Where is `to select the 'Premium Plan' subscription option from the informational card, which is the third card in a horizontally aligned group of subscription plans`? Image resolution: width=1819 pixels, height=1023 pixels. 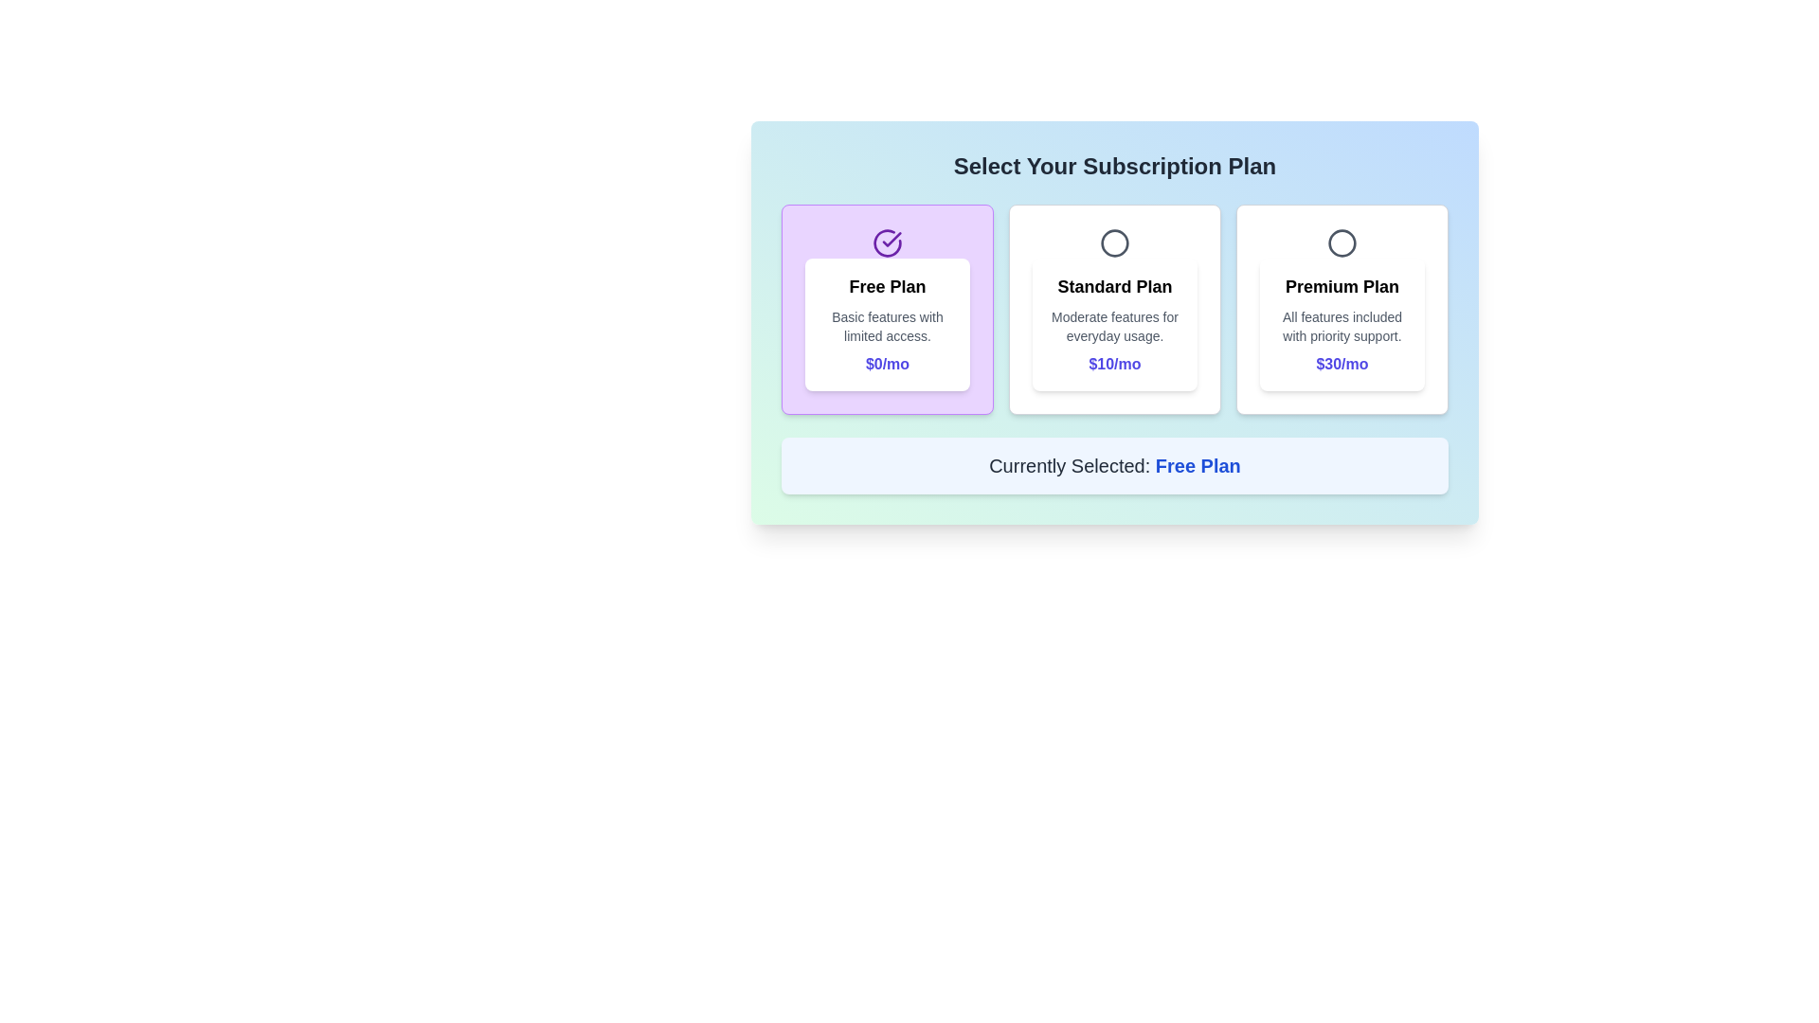 to select the 'Premium Plan' subscription option from the informational card, which is the third card in a horizontally aligned group of subscription plans is located at coordinates (1341, 324).